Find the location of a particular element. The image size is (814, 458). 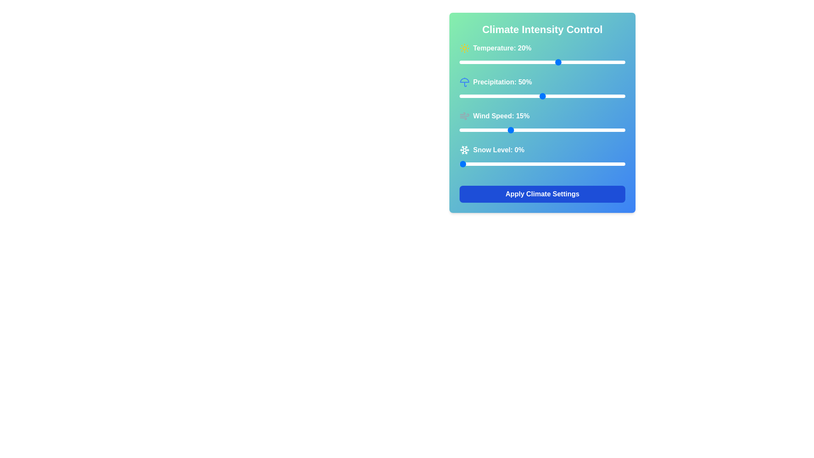

the snow level is located at coordinates (478, 164).